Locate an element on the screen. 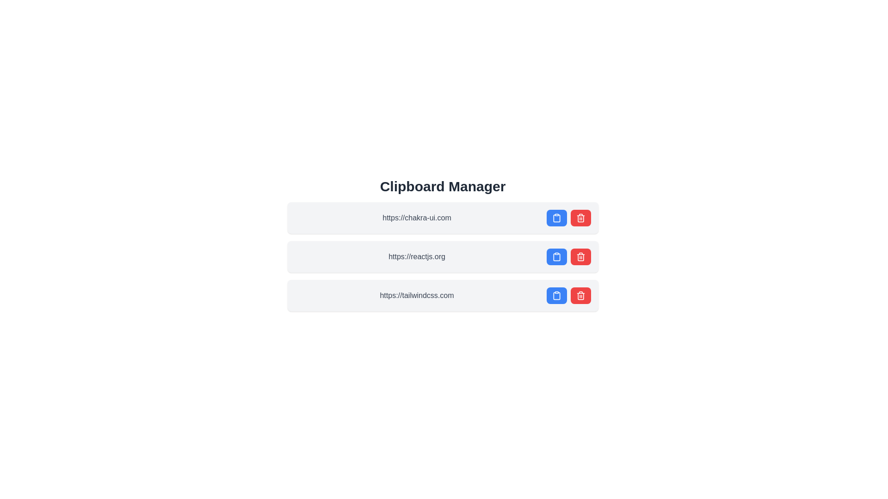 The width and height of the screenshot is (888, 499). the Text label displaying the URL "https://tailwindcss.com" which is located in the third row, to the left of a blue clipboard button and a red delete button is located at coordinates (416, 296).